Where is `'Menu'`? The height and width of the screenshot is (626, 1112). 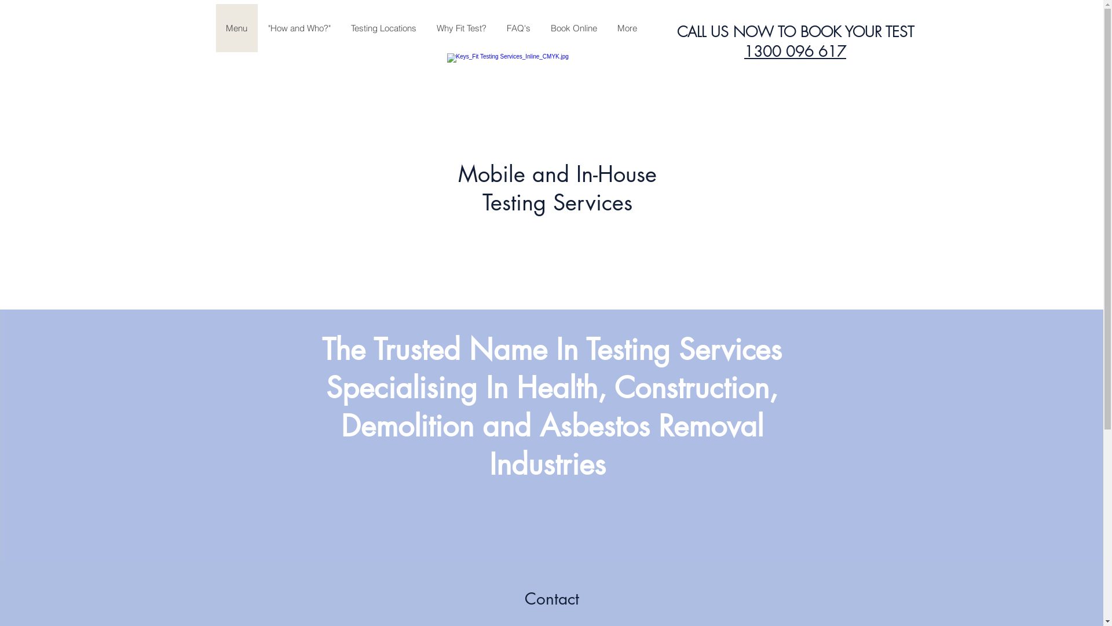
'Menu' is located at coordinates (215, 27).